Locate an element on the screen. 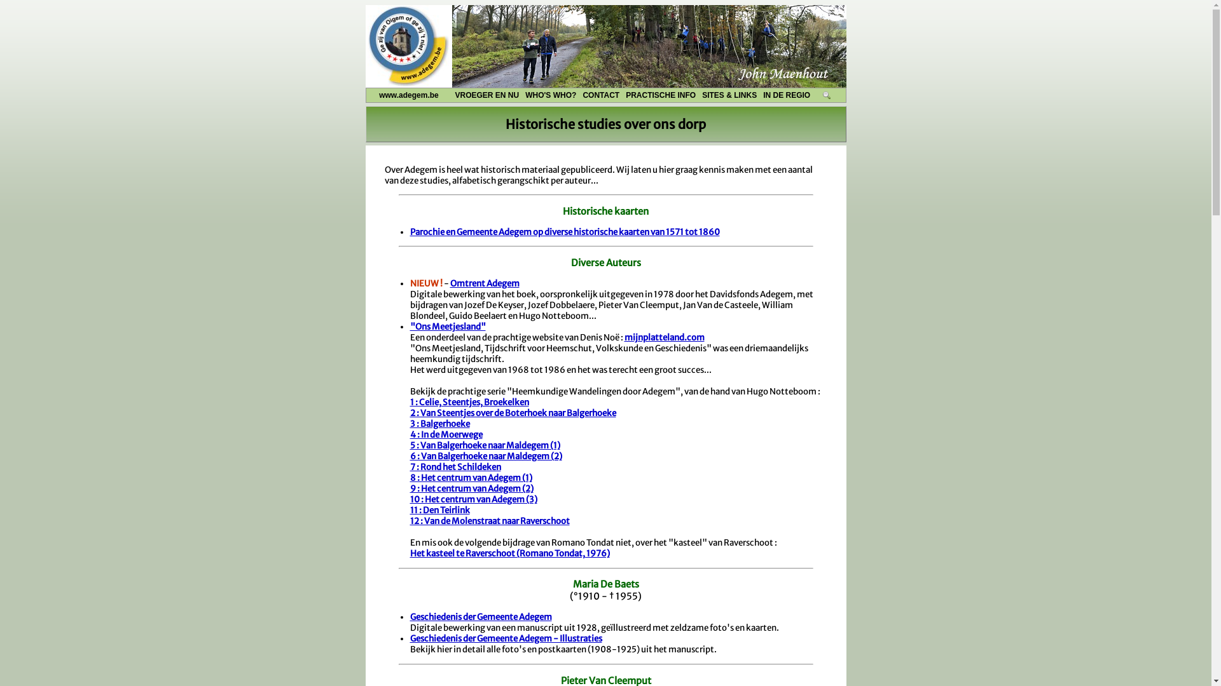  'Zoek op onze site' is located at coordinates (827, 95).